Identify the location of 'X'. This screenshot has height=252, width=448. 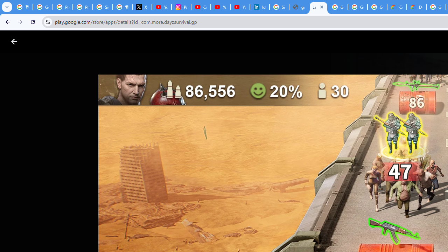
(141, 7).